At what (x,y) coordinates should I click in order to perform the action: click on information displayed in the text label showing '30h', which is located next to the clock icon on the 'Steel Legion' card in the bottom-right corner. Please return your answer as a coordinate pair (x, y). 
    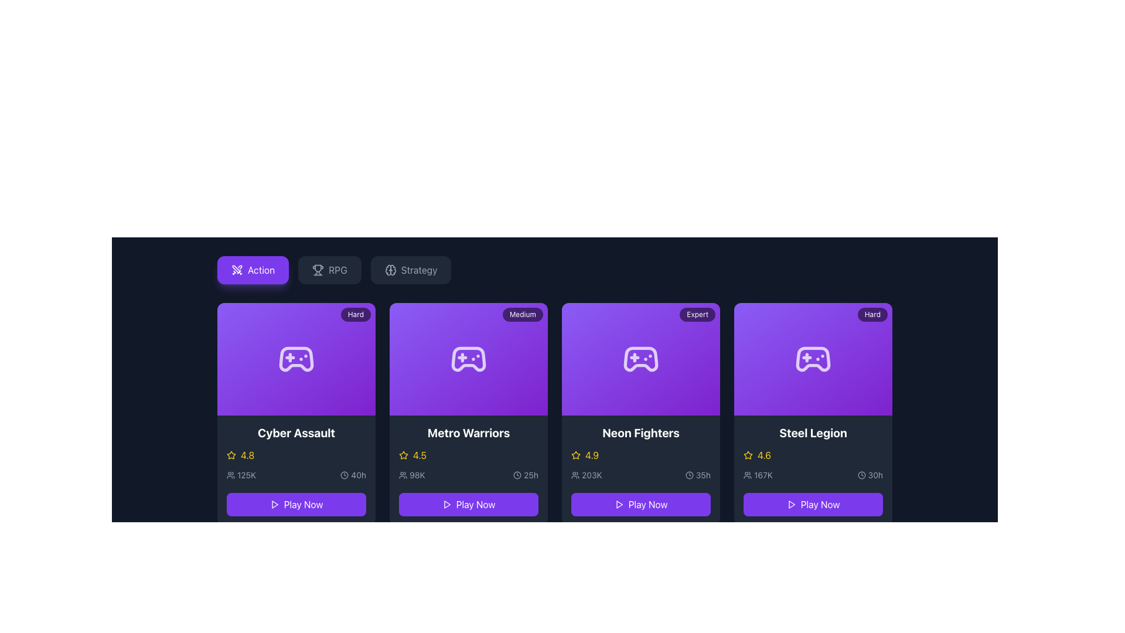
    Looking at the image, I should click on (875, 475).